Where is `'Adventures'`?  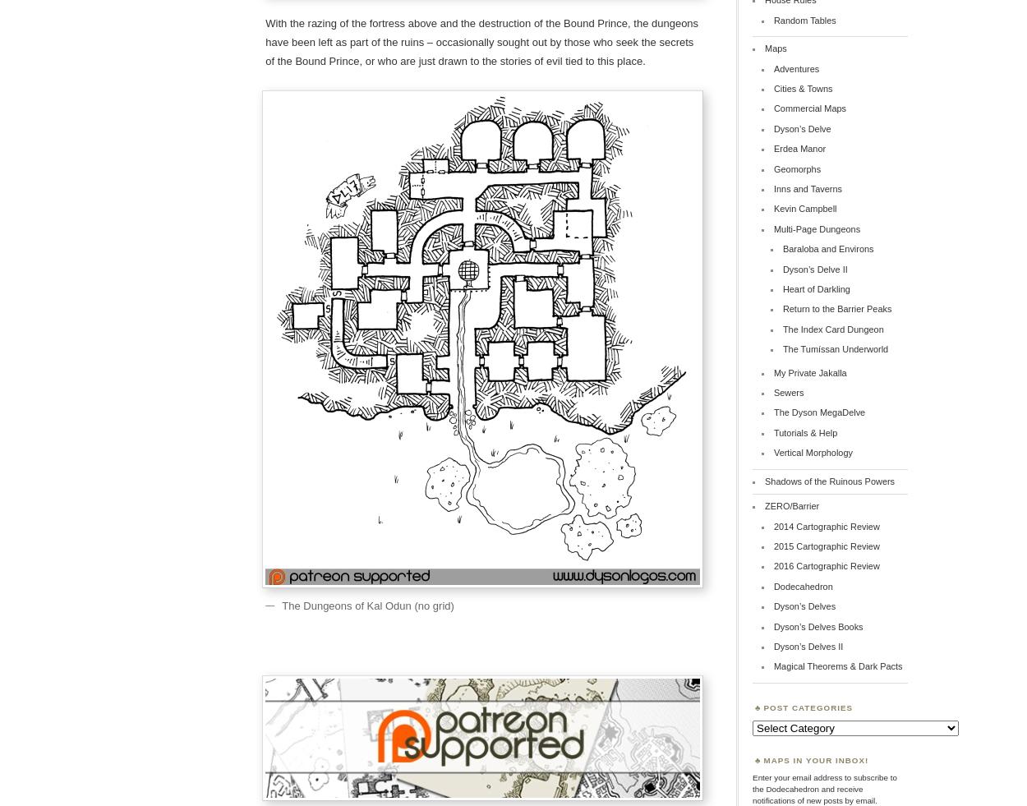 'Adventures' is located at coordinates (795, 67).